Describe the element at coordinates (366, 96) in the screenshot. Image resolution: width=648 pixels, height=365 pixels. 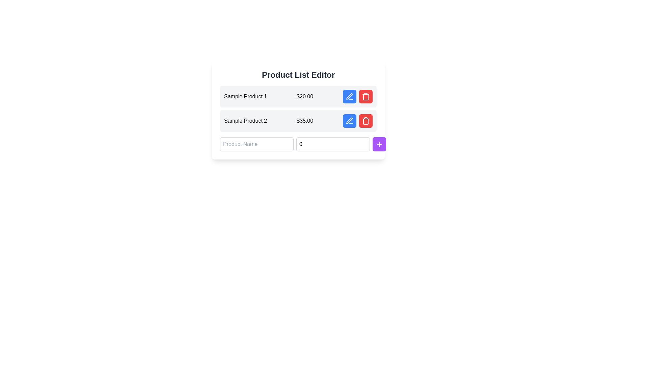
I see `the trash can icon within the red button located to the right of the second row in the product list table to initiate the delete action` at that location.